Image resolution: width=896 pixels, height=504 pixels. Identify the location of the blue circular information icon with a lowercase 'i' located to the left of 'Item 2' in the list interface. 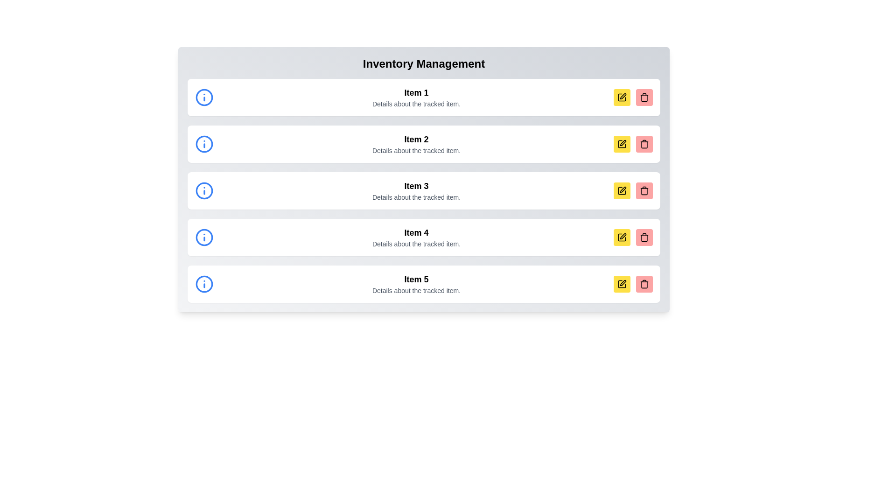
(203, 144).